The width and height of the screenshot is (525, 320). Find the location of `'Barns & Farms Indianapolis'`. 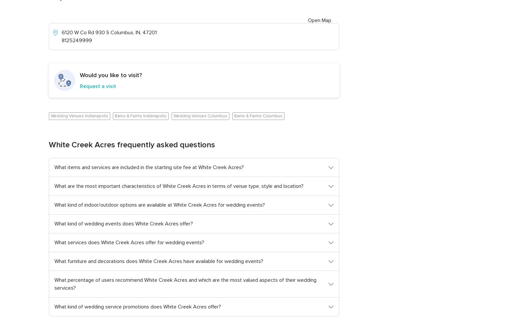

'Barns & Farms Indianapolis' is located at coordinates (141, 116).